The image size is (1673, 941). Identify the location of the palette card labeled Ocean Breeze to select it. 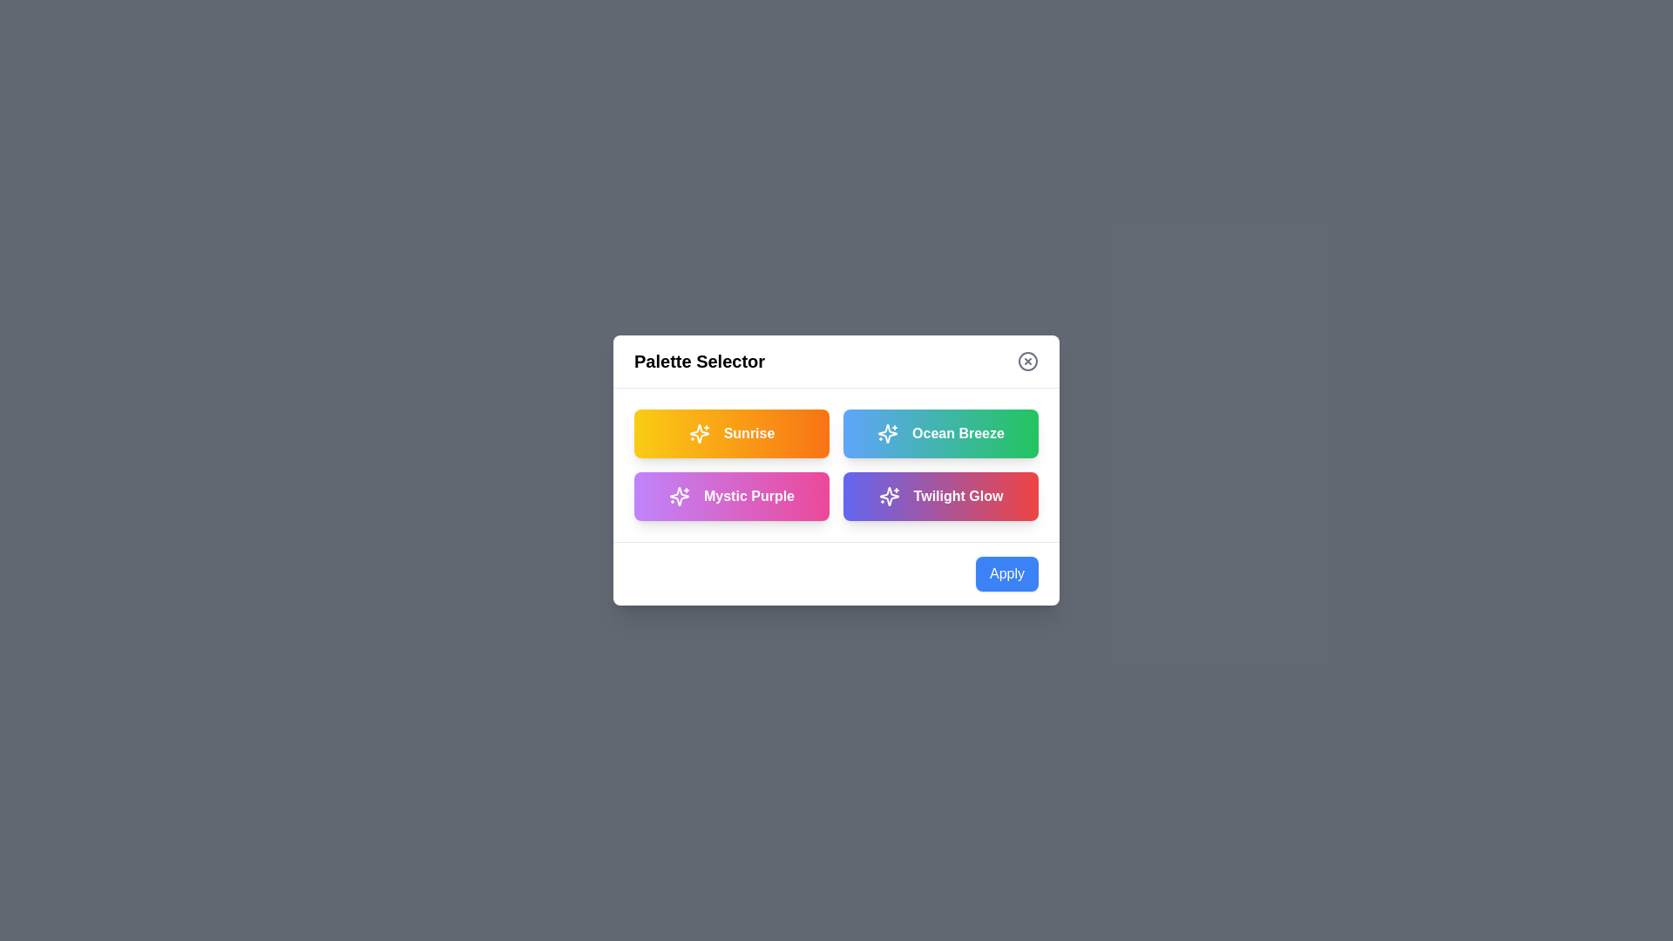
(940, 432).